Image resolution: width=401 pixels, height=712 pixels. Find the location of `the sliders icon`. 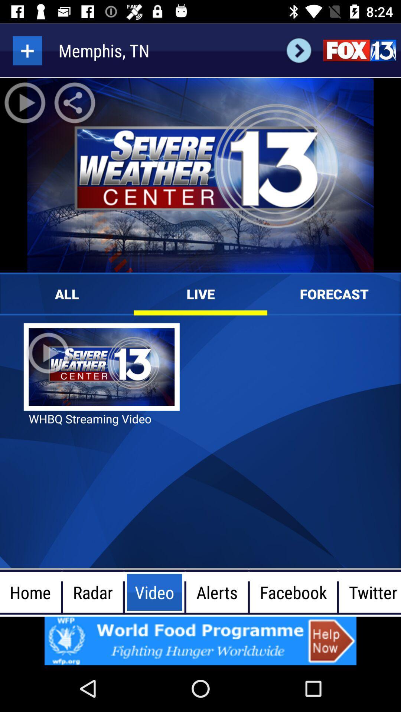

the sliders icon is located at coordinates (359, 50).